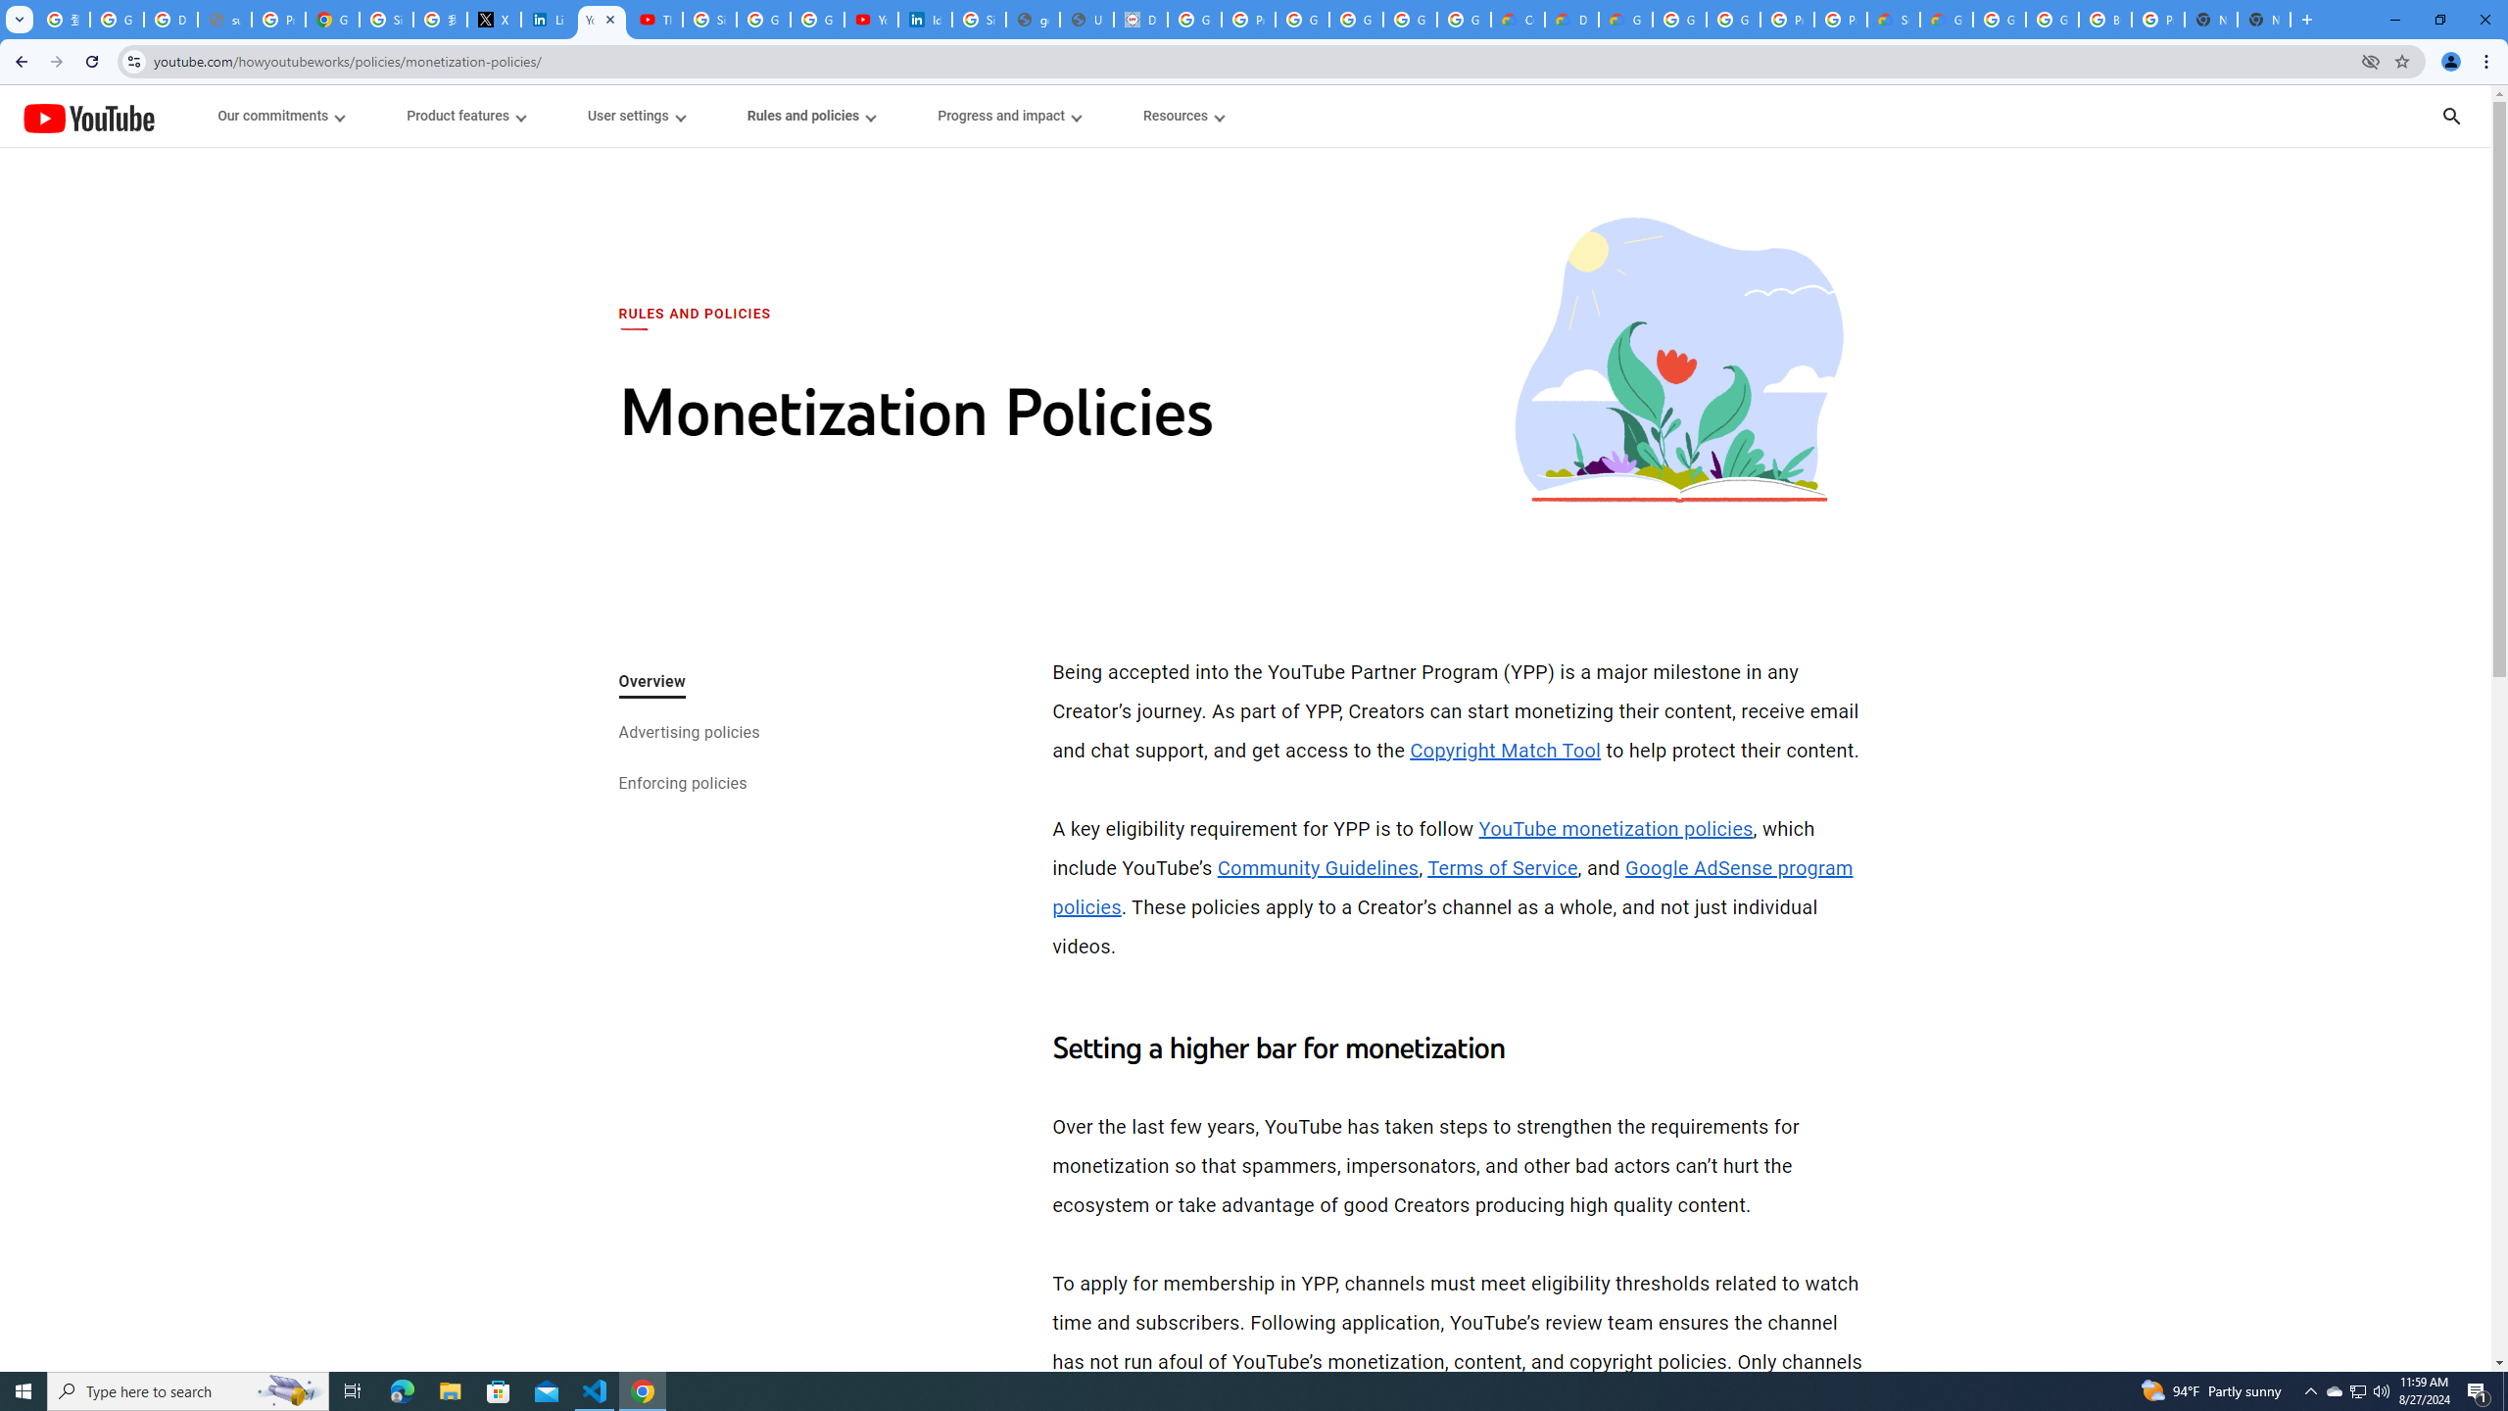  What do you see at coordinates (2264, 19) in the screenshot?
I see `'New Tab'` at bounding box center [2264, 19].